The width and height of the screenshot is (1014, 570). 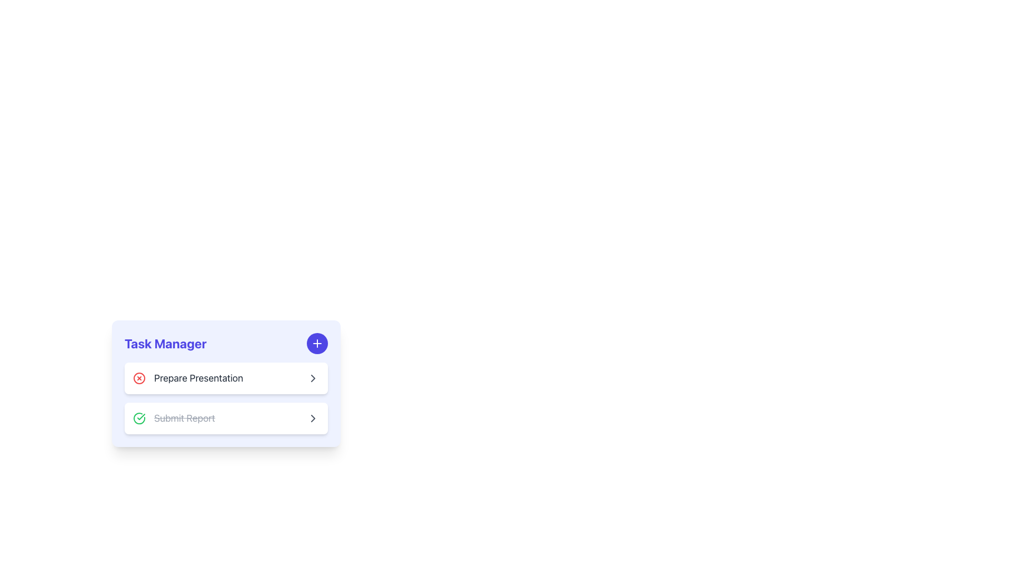 I want to click on the right-facing chevron icon styled in gray with rounded edges located on the far-right side of the 'Prepare Presentation' card, so click(x=313, y=378).